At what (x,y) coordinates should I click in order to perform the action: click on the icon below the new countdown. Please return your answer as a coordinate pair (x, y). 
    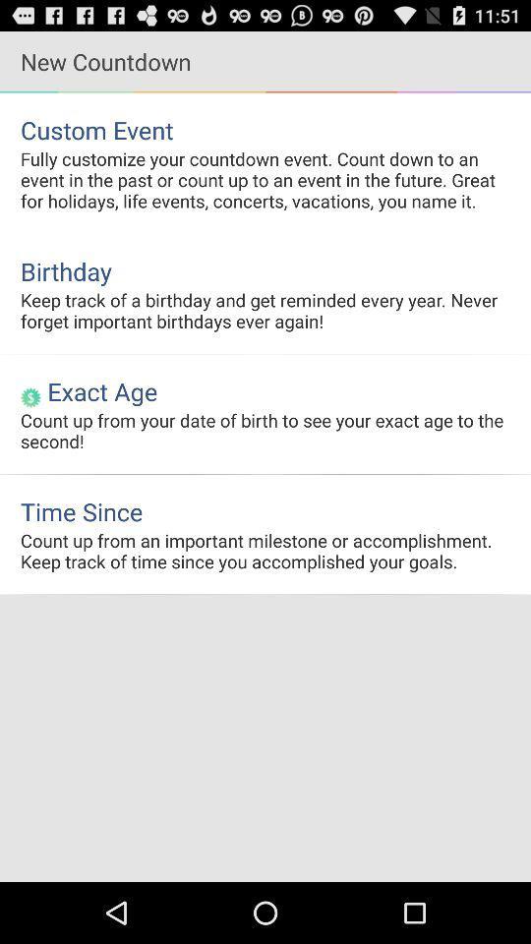
    Looking at the image, I should click on (265, 129).